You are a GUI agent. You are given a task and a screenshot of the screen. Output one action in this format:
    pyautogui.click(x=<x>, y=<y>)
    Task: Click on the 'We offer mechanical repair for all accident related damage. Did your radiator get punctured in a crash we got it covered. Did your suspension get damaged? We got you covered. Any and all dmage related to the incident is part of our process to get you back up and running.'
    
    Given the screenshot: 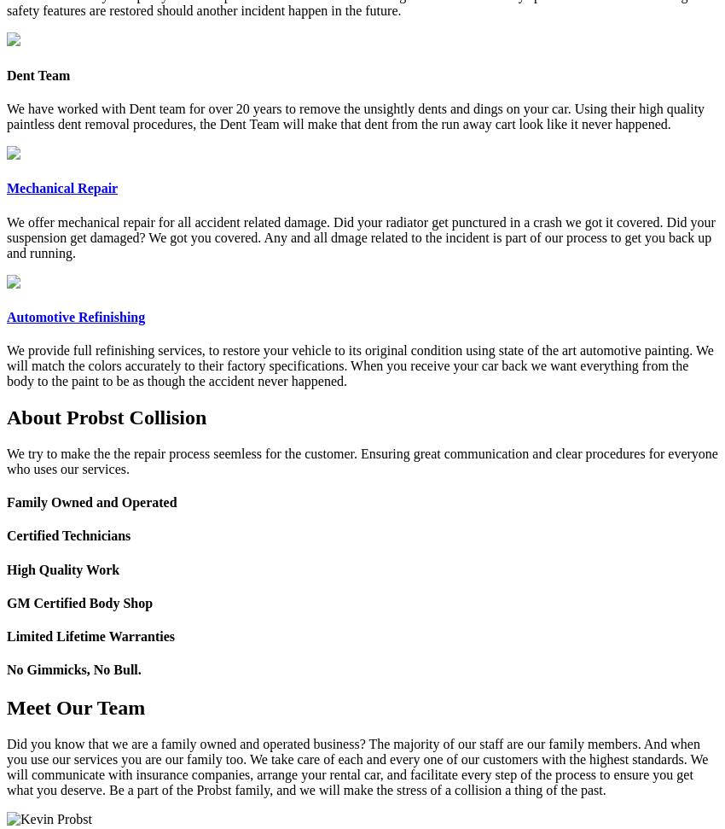 What is the action you would take?
    pyautogui.click(x=360, y=236)
    